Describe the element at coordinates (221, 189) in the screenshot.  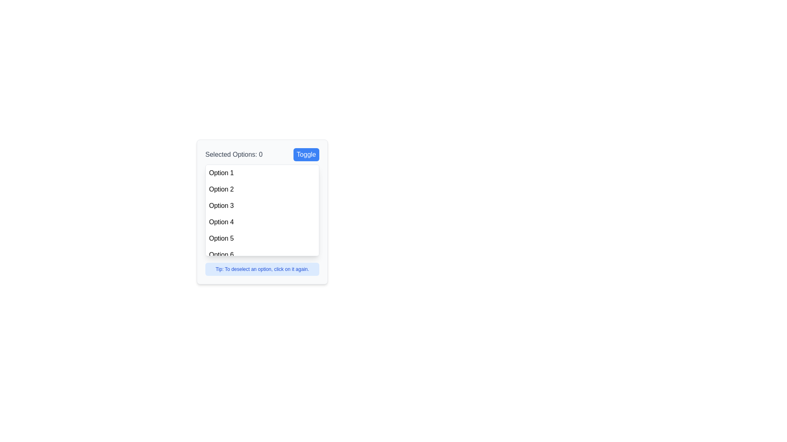
I see `the text label displaying 'Option 2' in black font` at that location.